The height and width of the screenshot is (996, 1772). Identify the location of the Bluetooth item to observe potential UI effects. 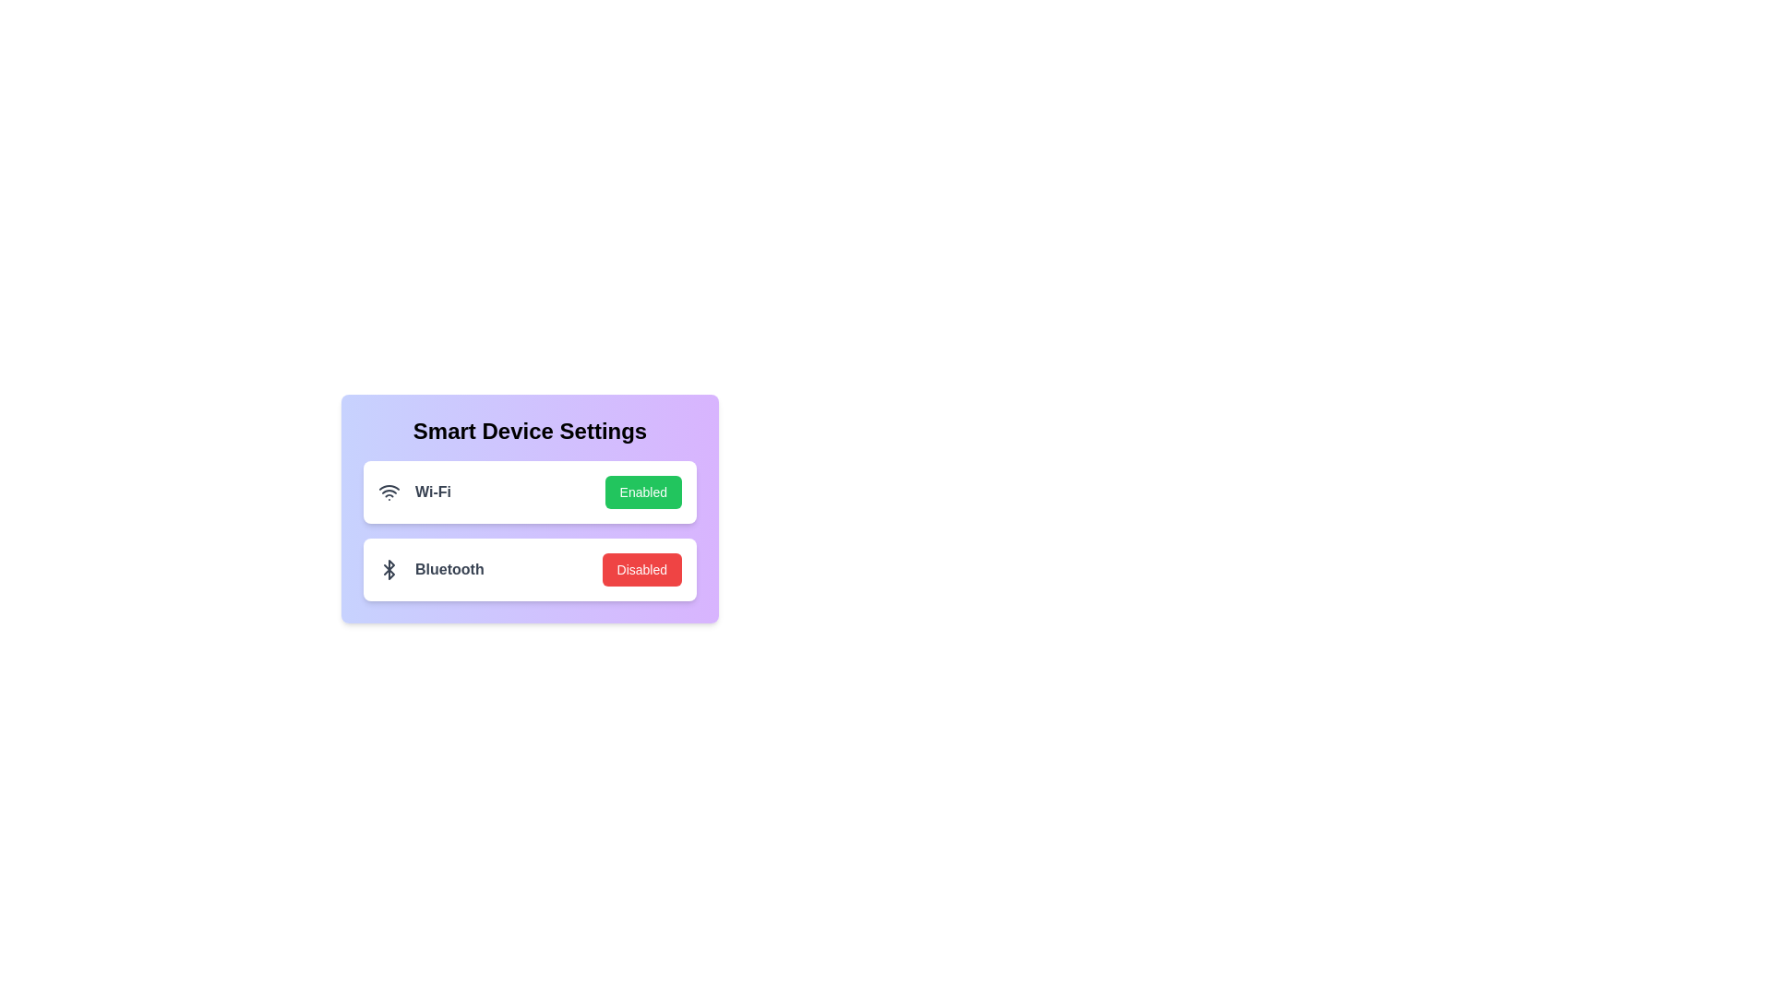
(529, 568).